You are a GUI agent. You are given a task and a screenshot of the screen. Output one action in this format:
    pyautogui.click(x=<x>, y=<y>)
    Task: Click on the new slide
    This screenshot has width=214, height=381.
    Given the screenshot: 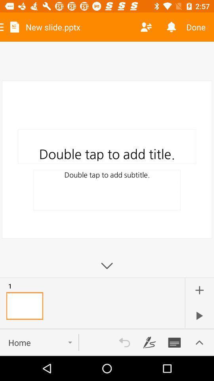 What is the action you would take?
    pyautogui.click(x=199, y=290)
    